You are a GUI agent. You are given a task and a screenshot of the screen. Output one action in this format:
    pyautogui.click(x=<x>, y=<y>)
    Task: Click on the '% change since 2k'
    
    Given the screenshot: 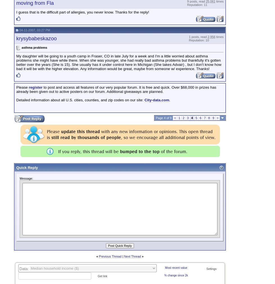 What is the action you would take?
    pyautogui.click(x=176, y=275)
    